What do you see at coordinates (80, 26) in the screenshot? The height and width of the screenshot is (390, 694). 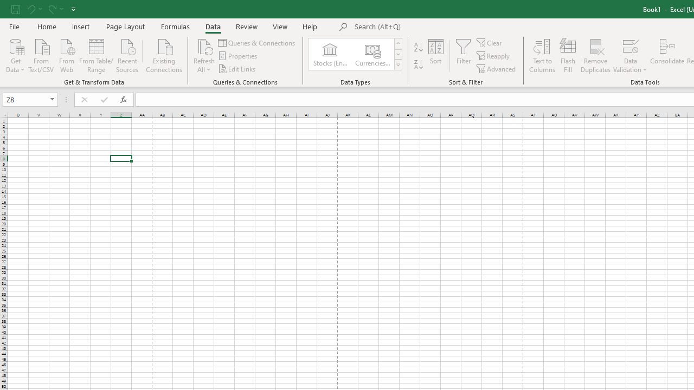 I see `'Insert'` at bounding box center [80, 26].